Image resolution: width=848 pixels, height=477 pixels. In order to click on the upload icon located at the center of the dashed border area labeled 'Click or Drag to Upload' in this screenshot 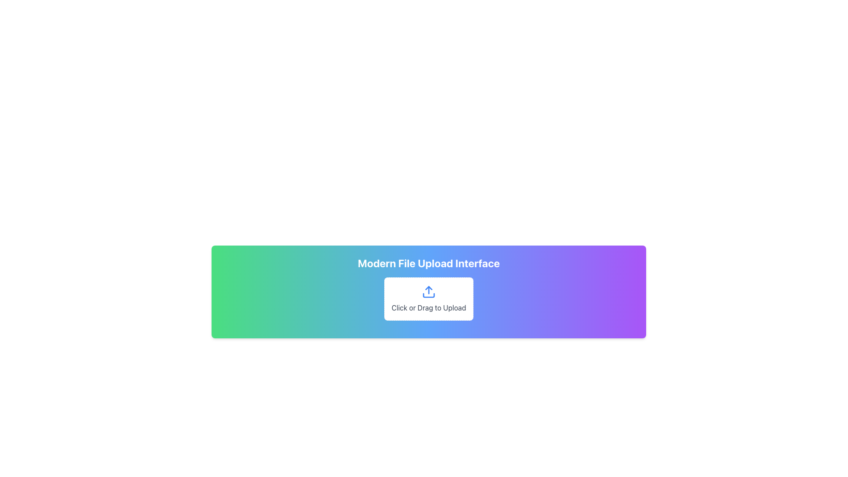, I will do `click(428, 291)`.